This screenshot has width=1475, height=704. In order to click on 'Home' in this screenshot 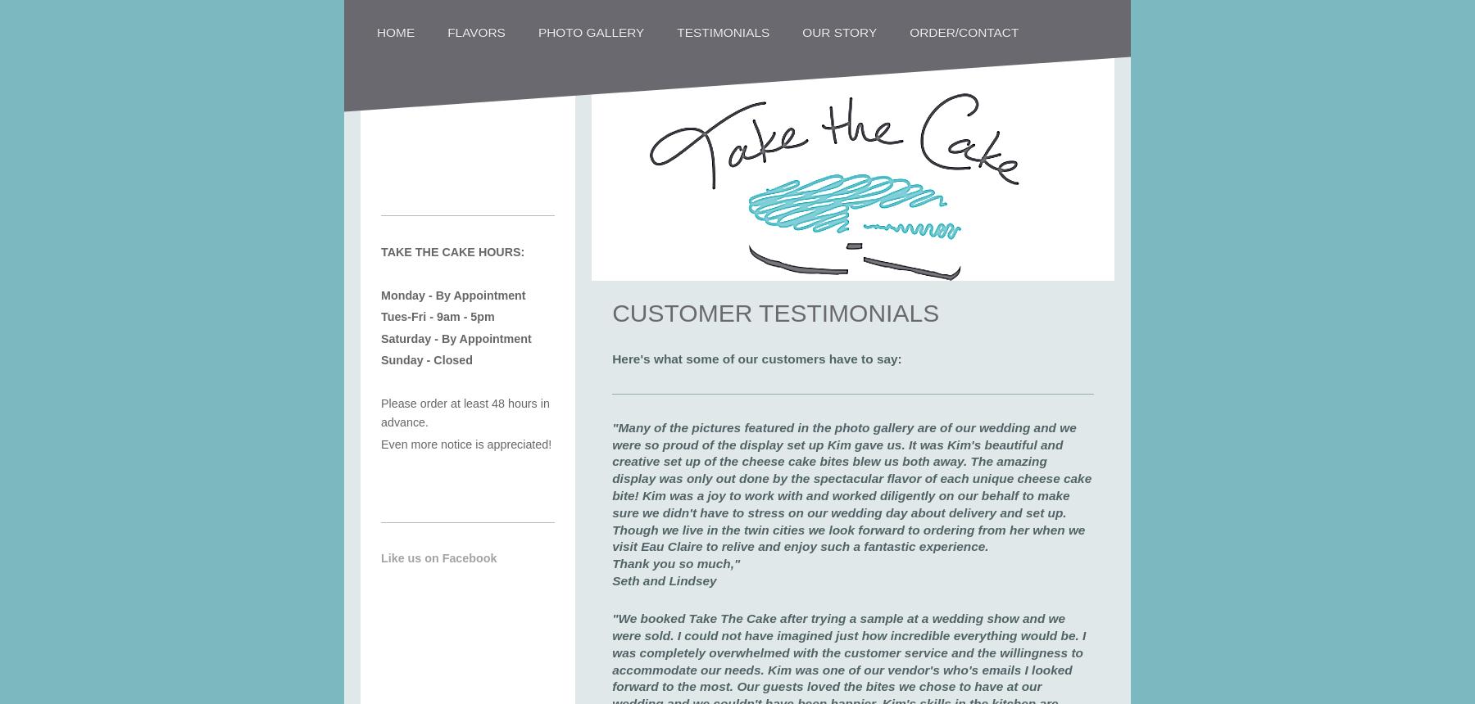, I will do `click(376, 31)`.